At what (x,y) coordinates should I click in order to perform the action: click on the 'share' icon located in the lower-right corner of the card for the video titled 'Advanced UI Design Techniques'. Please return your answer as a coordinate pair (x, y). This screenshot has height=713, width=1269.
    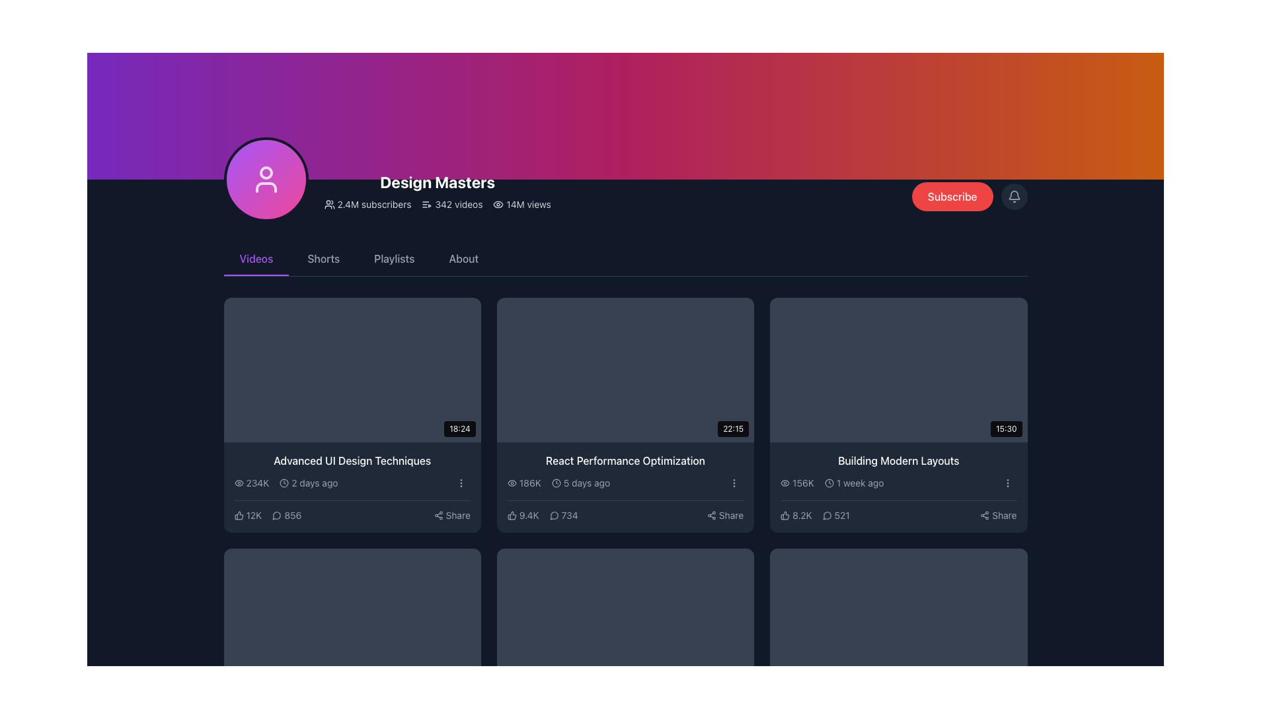
    Looking at the image, I should click on (438, 514).